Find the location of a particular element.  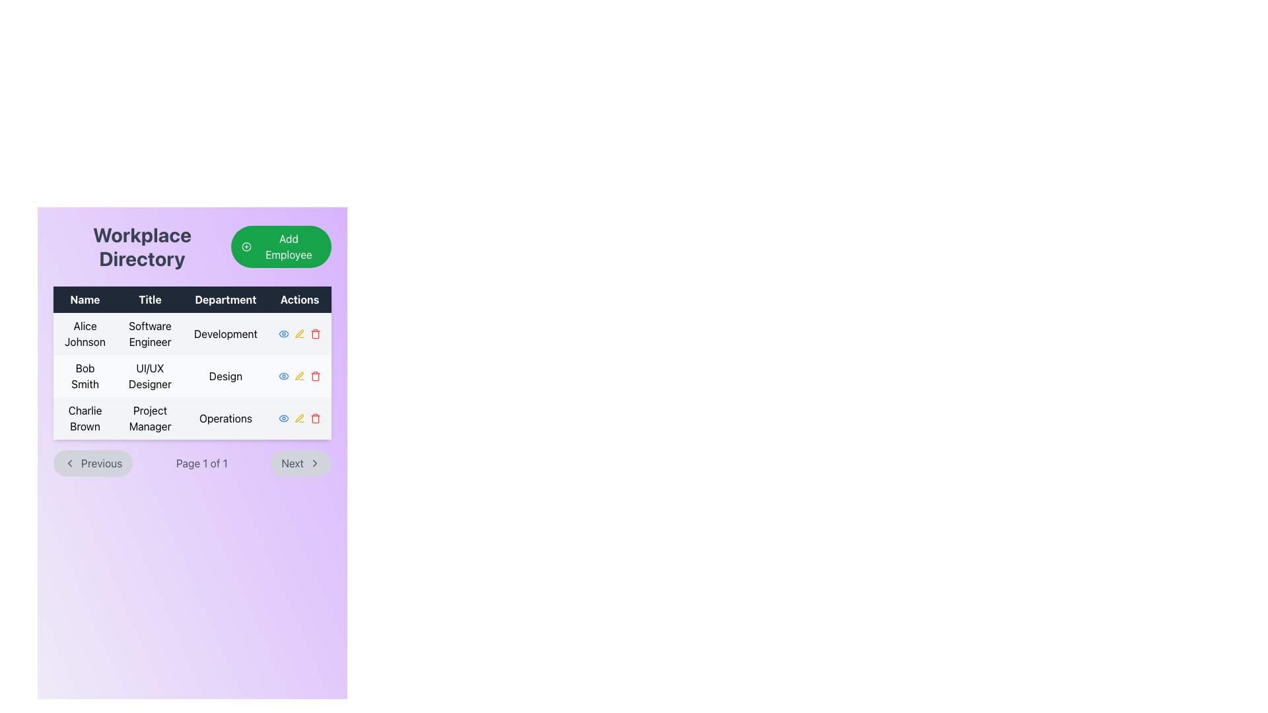

the blue eye icon representing visibility in the Actions column for Bob Smith is located at coordinates (283, 376).